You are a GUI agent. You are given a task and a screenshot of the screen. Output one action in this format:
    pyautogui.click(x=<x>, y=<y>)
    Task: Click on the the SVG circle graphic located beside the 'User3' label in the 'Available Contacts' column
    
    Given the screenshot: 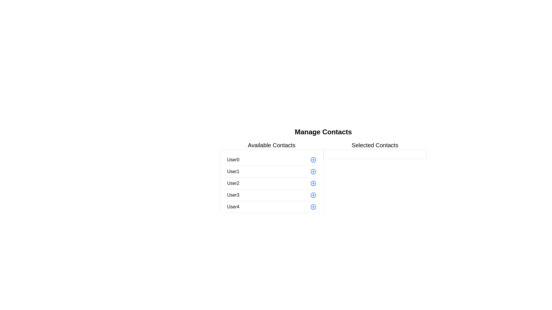 What is the action you would take?
    pyautogui.click(x=313, y=195)
    